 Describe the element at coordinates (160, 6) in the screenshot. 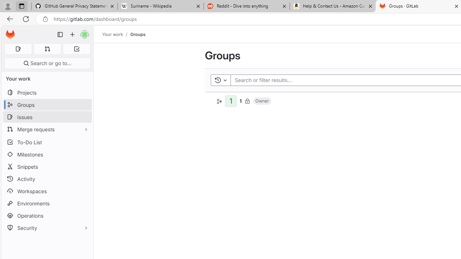

I see `'Suriname - Wikipedia'` at that location.